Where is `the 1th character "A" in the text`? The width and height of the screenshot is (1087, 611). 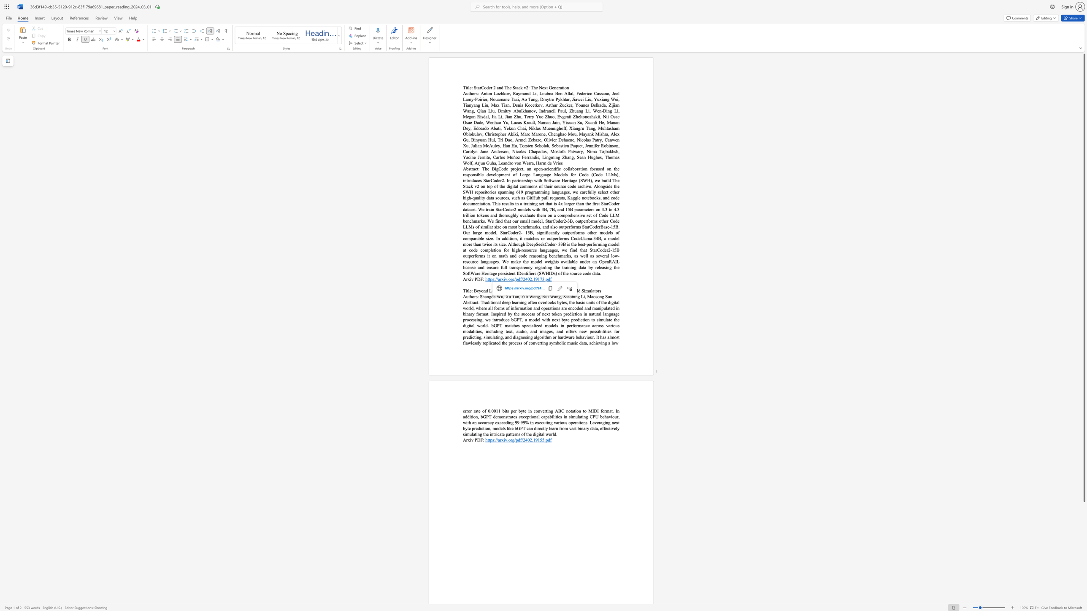 the 1th character "A" in the text is located at coordinates (464, 302).